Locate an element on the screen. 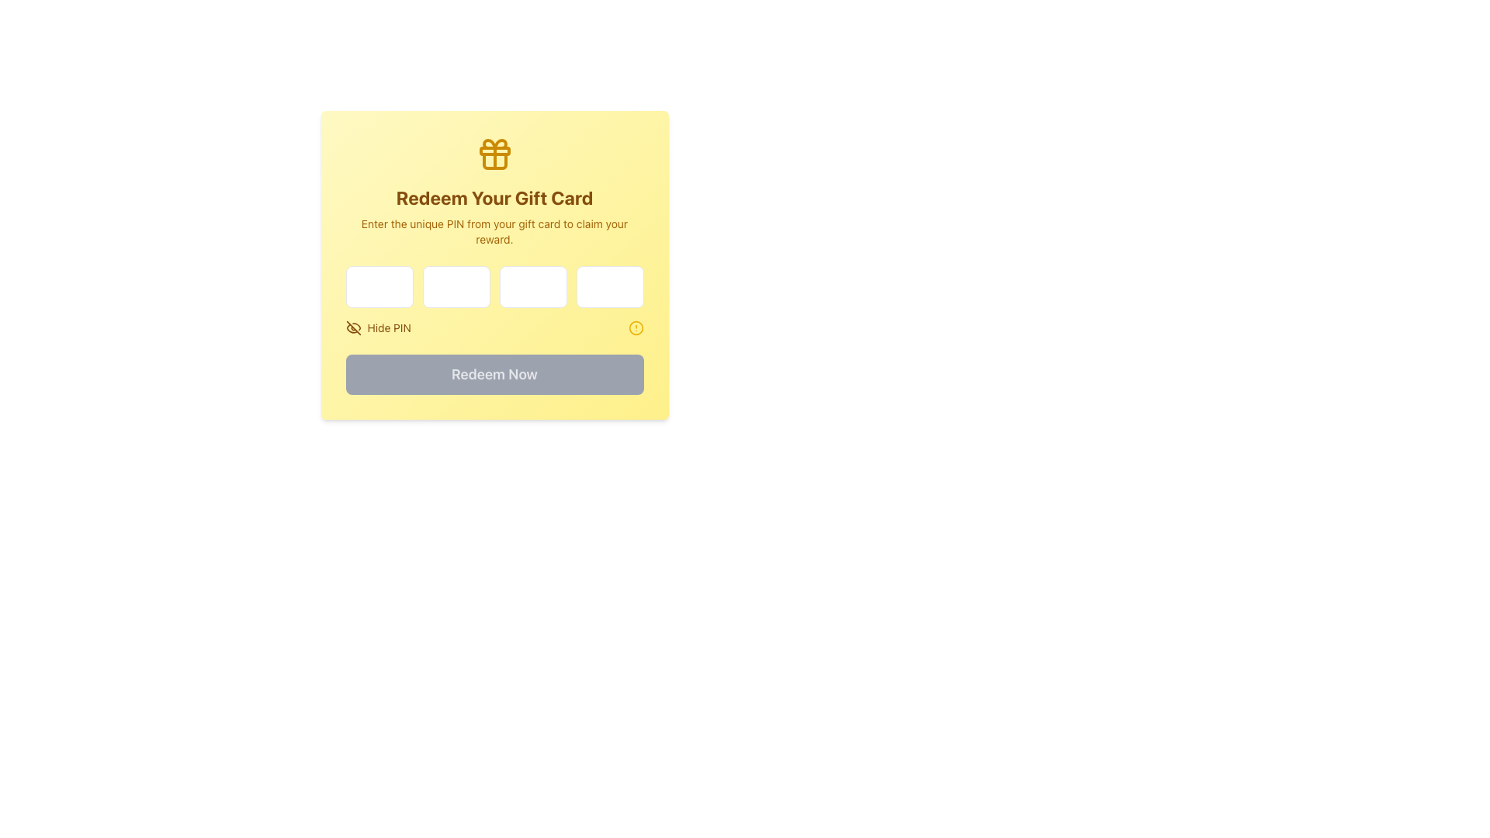 The width and height of the screenshot is (1490, 838). the icon to the left of the label 'Hide PIN' within the yellow card interface is located at coordinates (352, 327).